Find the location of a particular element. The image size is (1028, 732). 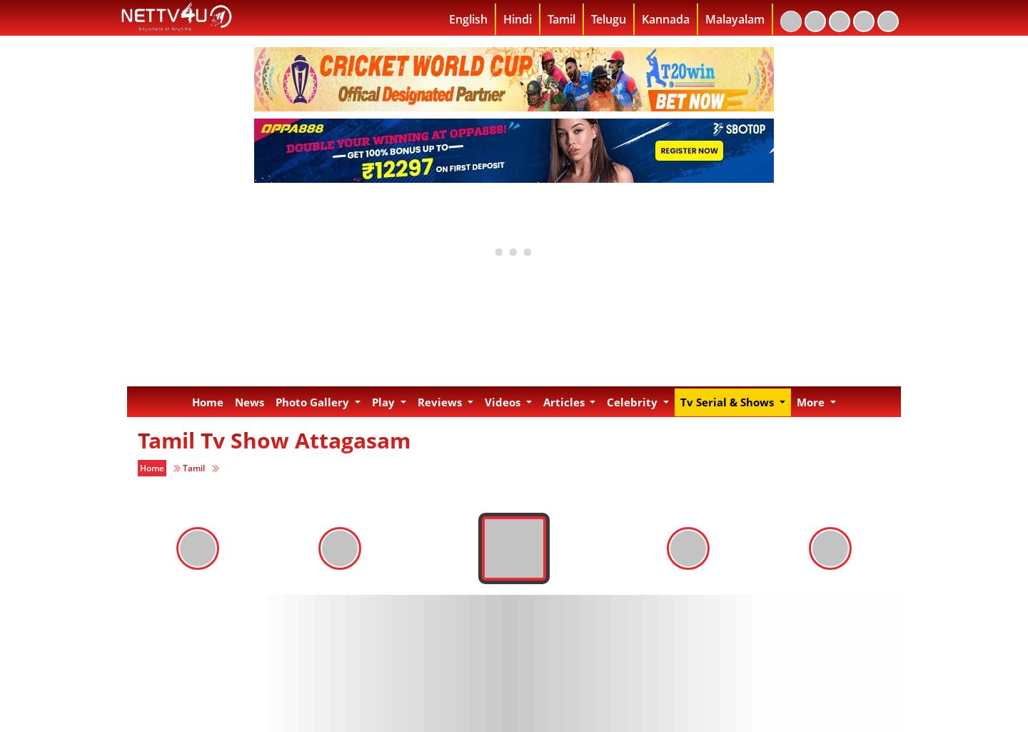

'Reviews' is located at coordinates (440, 402).